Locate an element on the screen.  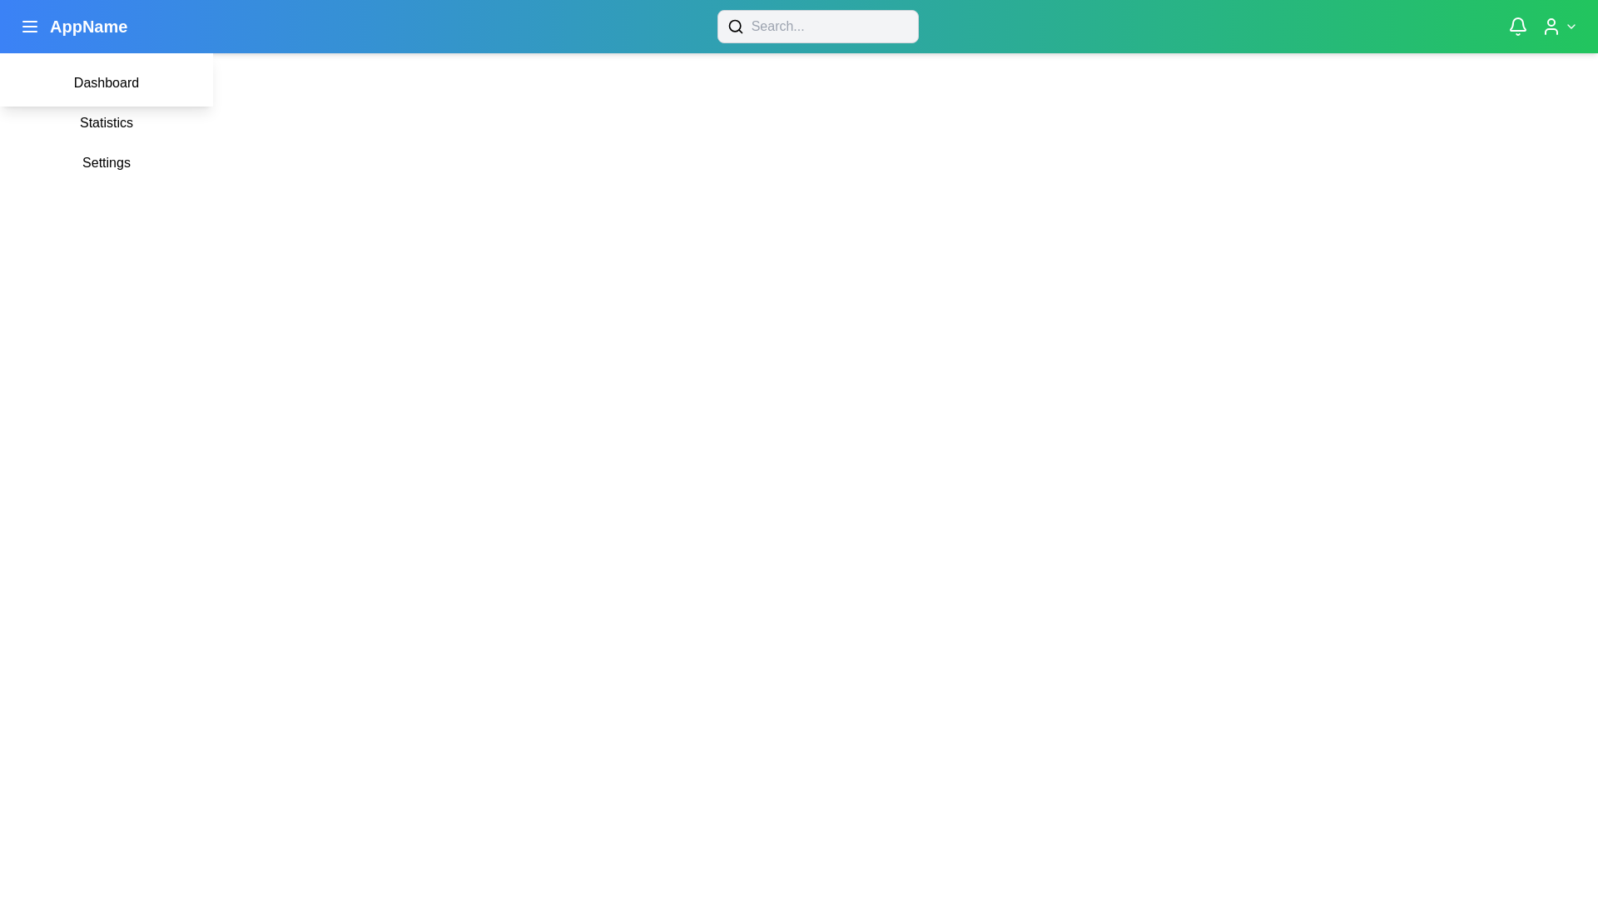
the search bar in the top navigation bar is located at coordinates (817, 26).